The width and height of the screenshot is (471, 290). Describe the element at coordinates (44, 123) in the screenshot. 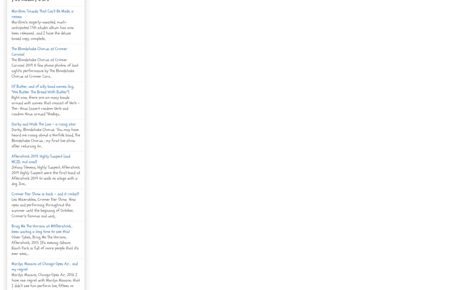

I see `'Darby and Walk The Line - a rising star'` at that location.